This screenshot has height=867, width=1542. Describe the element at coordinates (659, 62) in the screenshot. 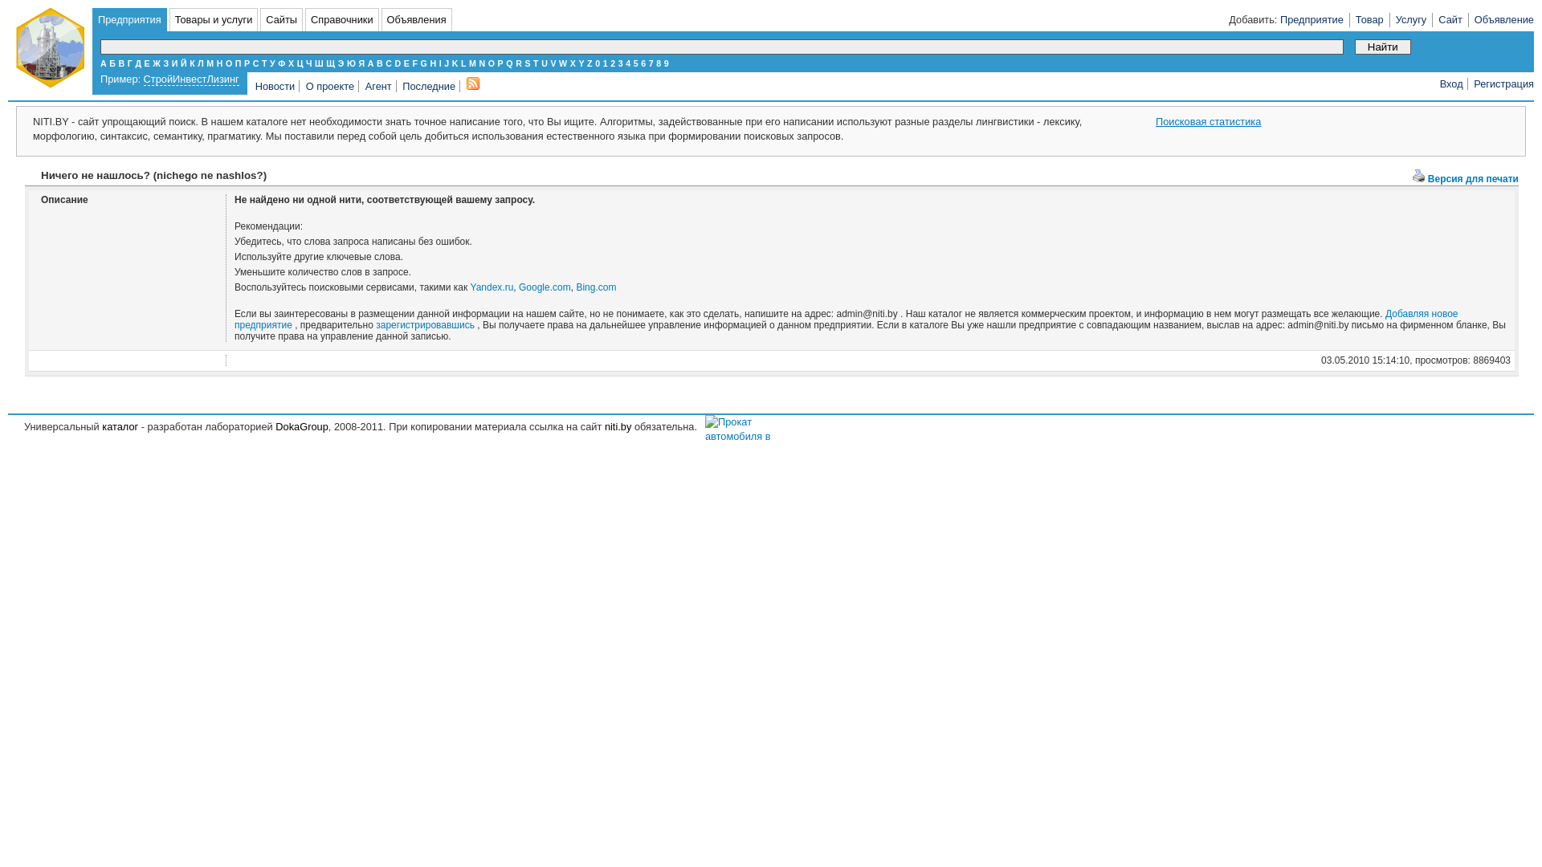

I see `'8'` at that location.